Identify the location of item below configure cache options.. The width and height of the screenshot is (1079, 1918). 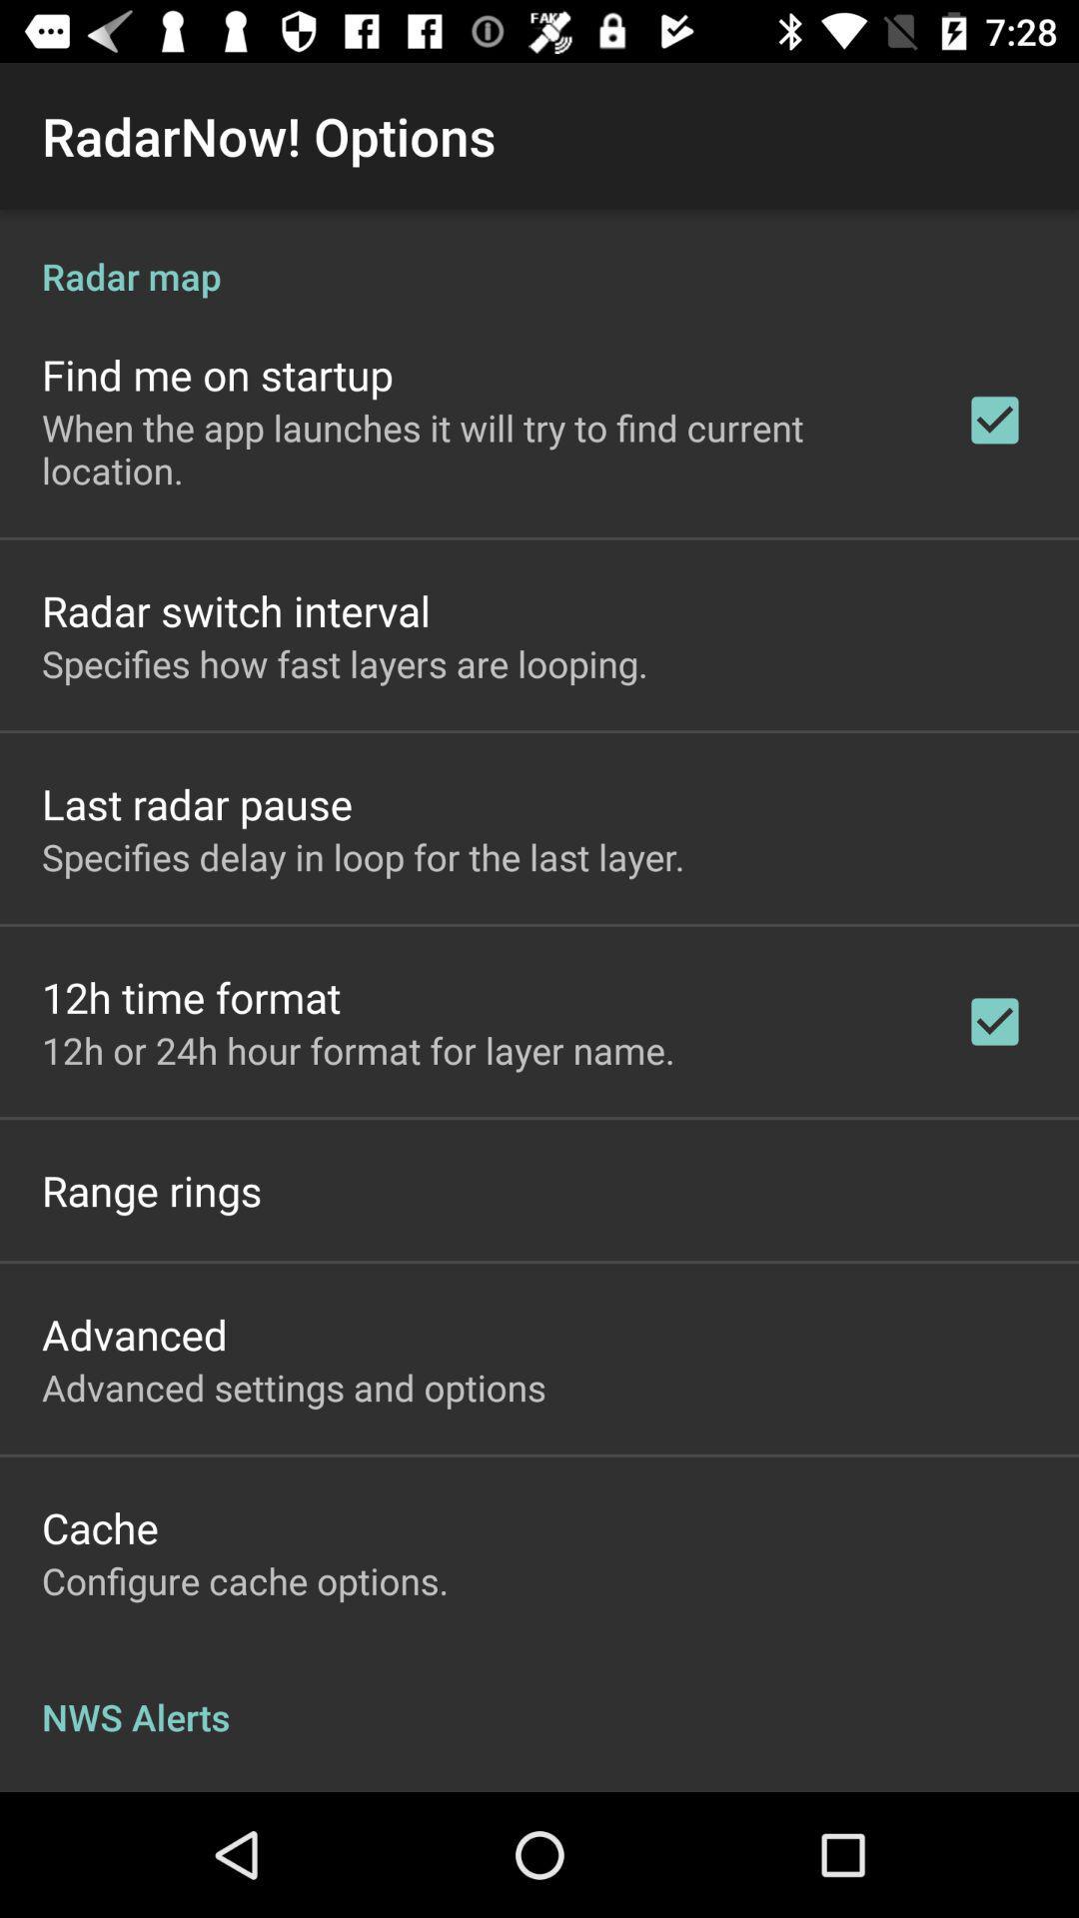
(539, 1695).